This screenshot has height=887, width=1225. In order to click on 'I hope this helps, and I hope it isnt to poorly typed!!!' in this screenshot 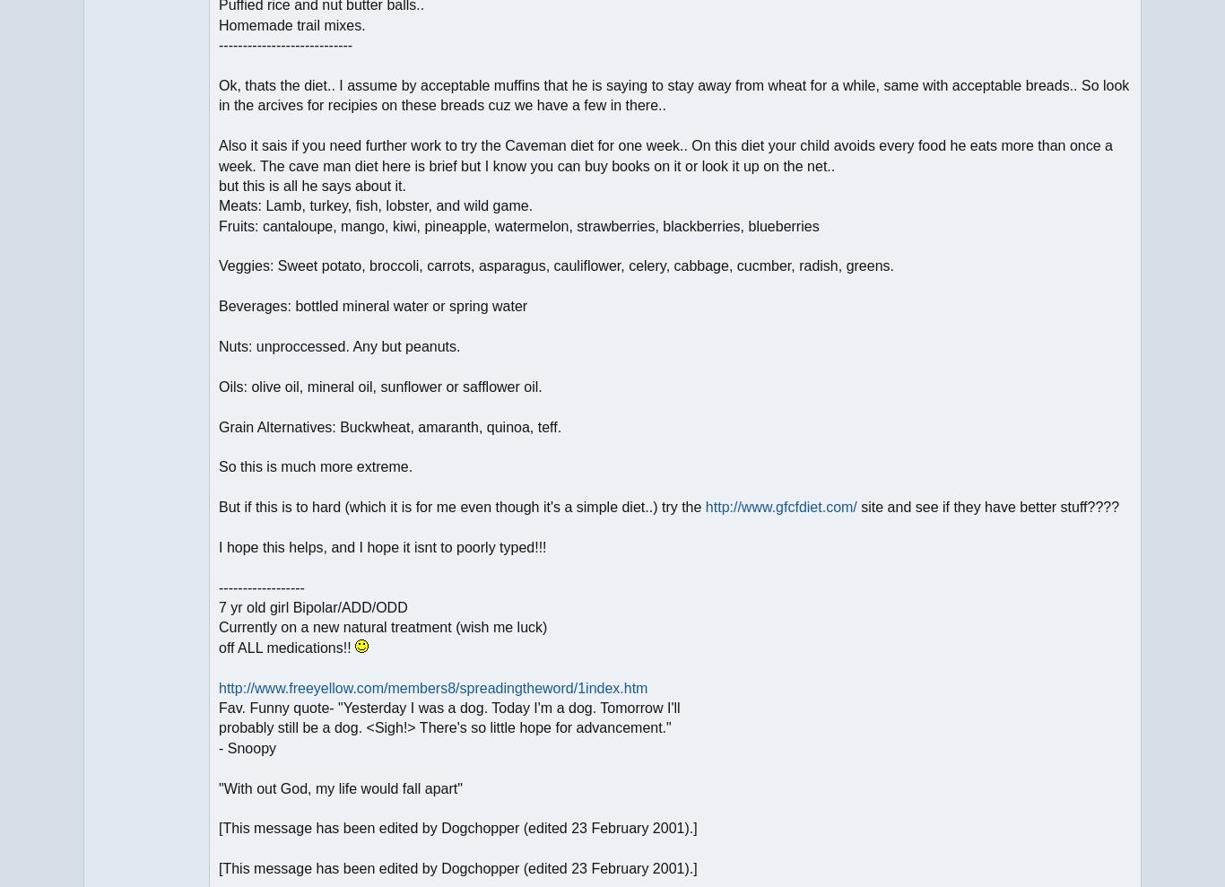, I will do `click(381, 546)`.